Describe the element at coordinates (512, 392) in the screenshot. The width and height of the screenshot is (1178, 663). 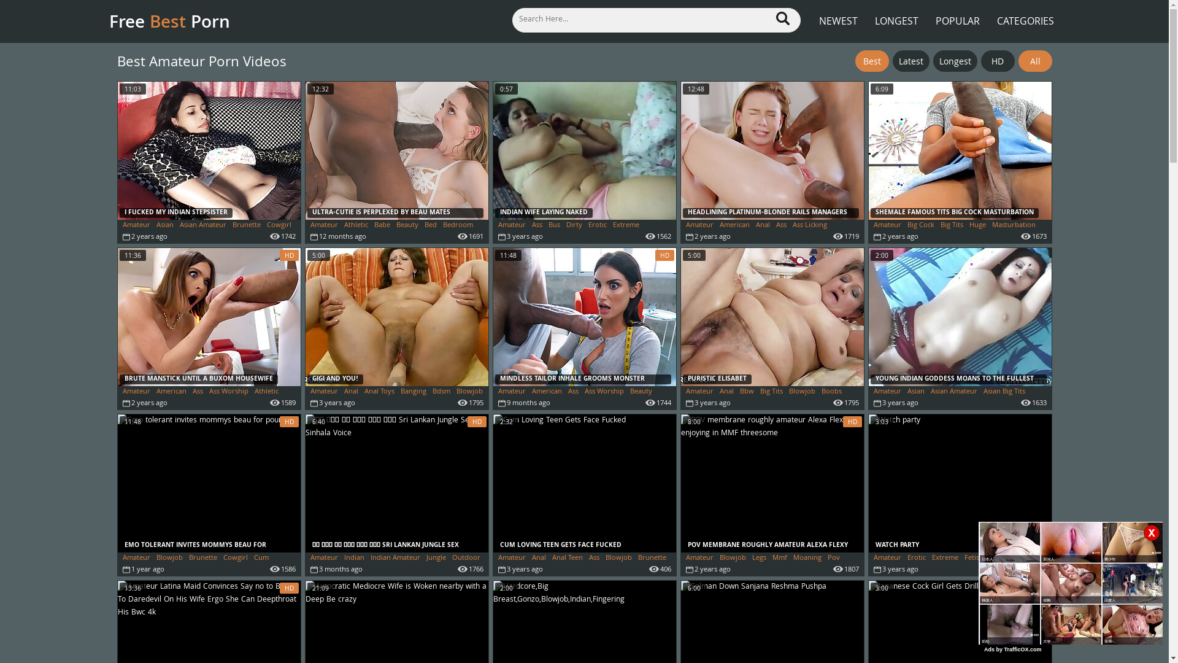
I see `'Amateur'` at that location.